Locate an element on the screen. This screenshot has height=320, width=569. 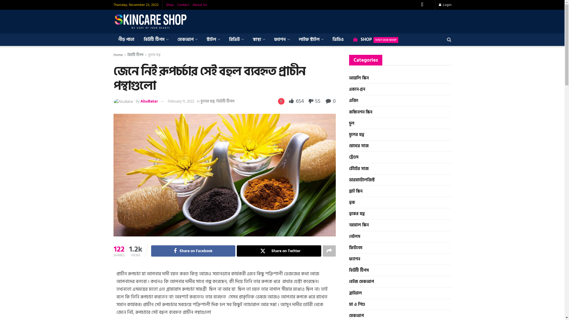
'Login' is located at coordinates (445, 5).